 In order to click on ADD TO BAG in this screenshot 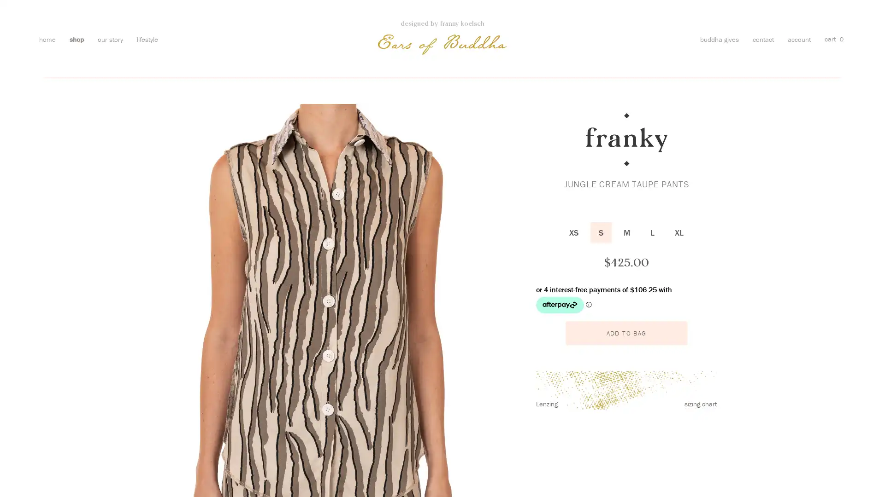, I will do `click(626, 335)`.